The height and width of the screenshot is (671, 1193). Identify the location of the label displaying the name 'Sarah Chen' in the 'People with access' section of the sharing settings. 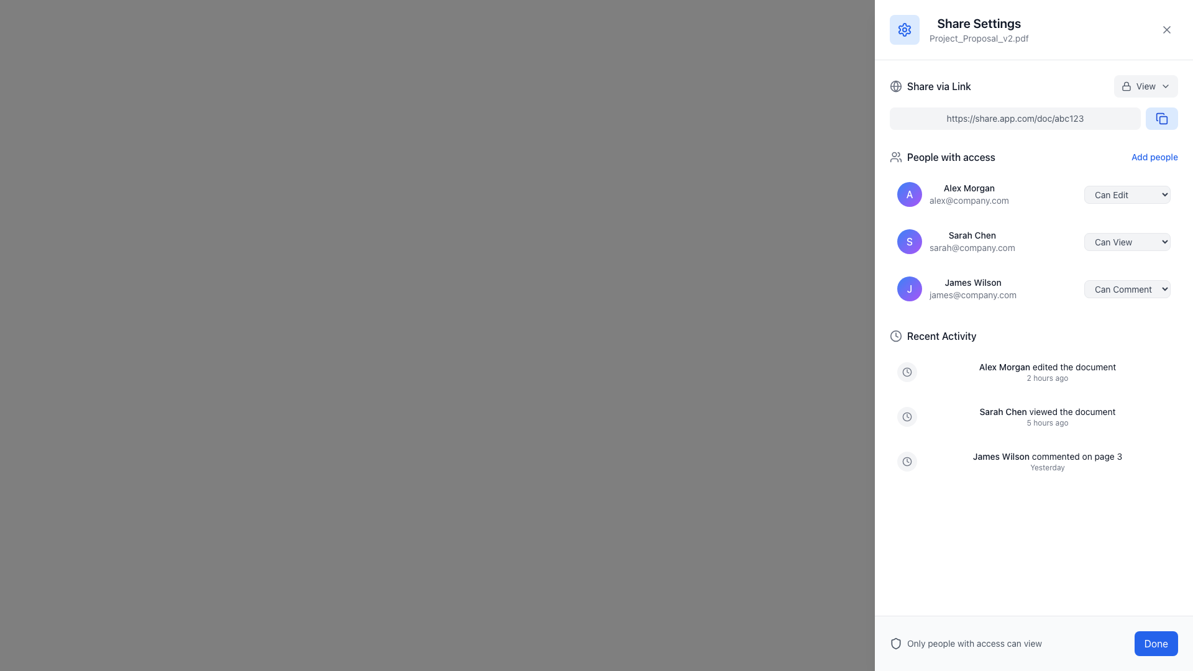
(971, 235).